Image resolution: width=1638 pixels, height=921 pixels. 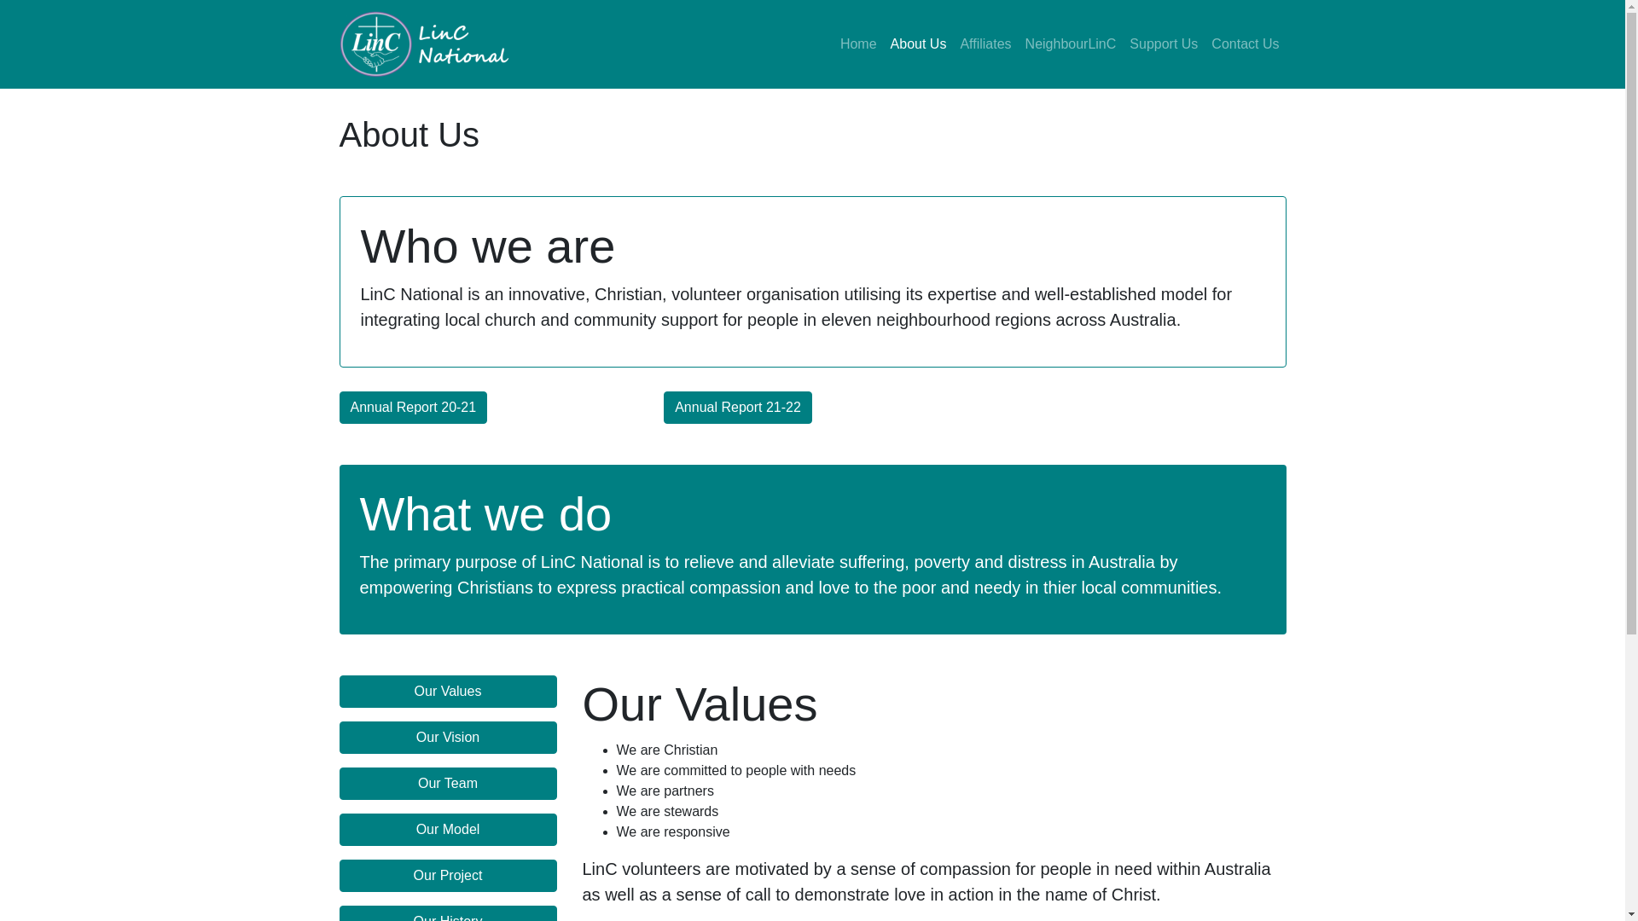 What do you see at coordinates (1245, 43) in the screenshot?
I see `'Contact Us'` at bounding box center [1245, 43].